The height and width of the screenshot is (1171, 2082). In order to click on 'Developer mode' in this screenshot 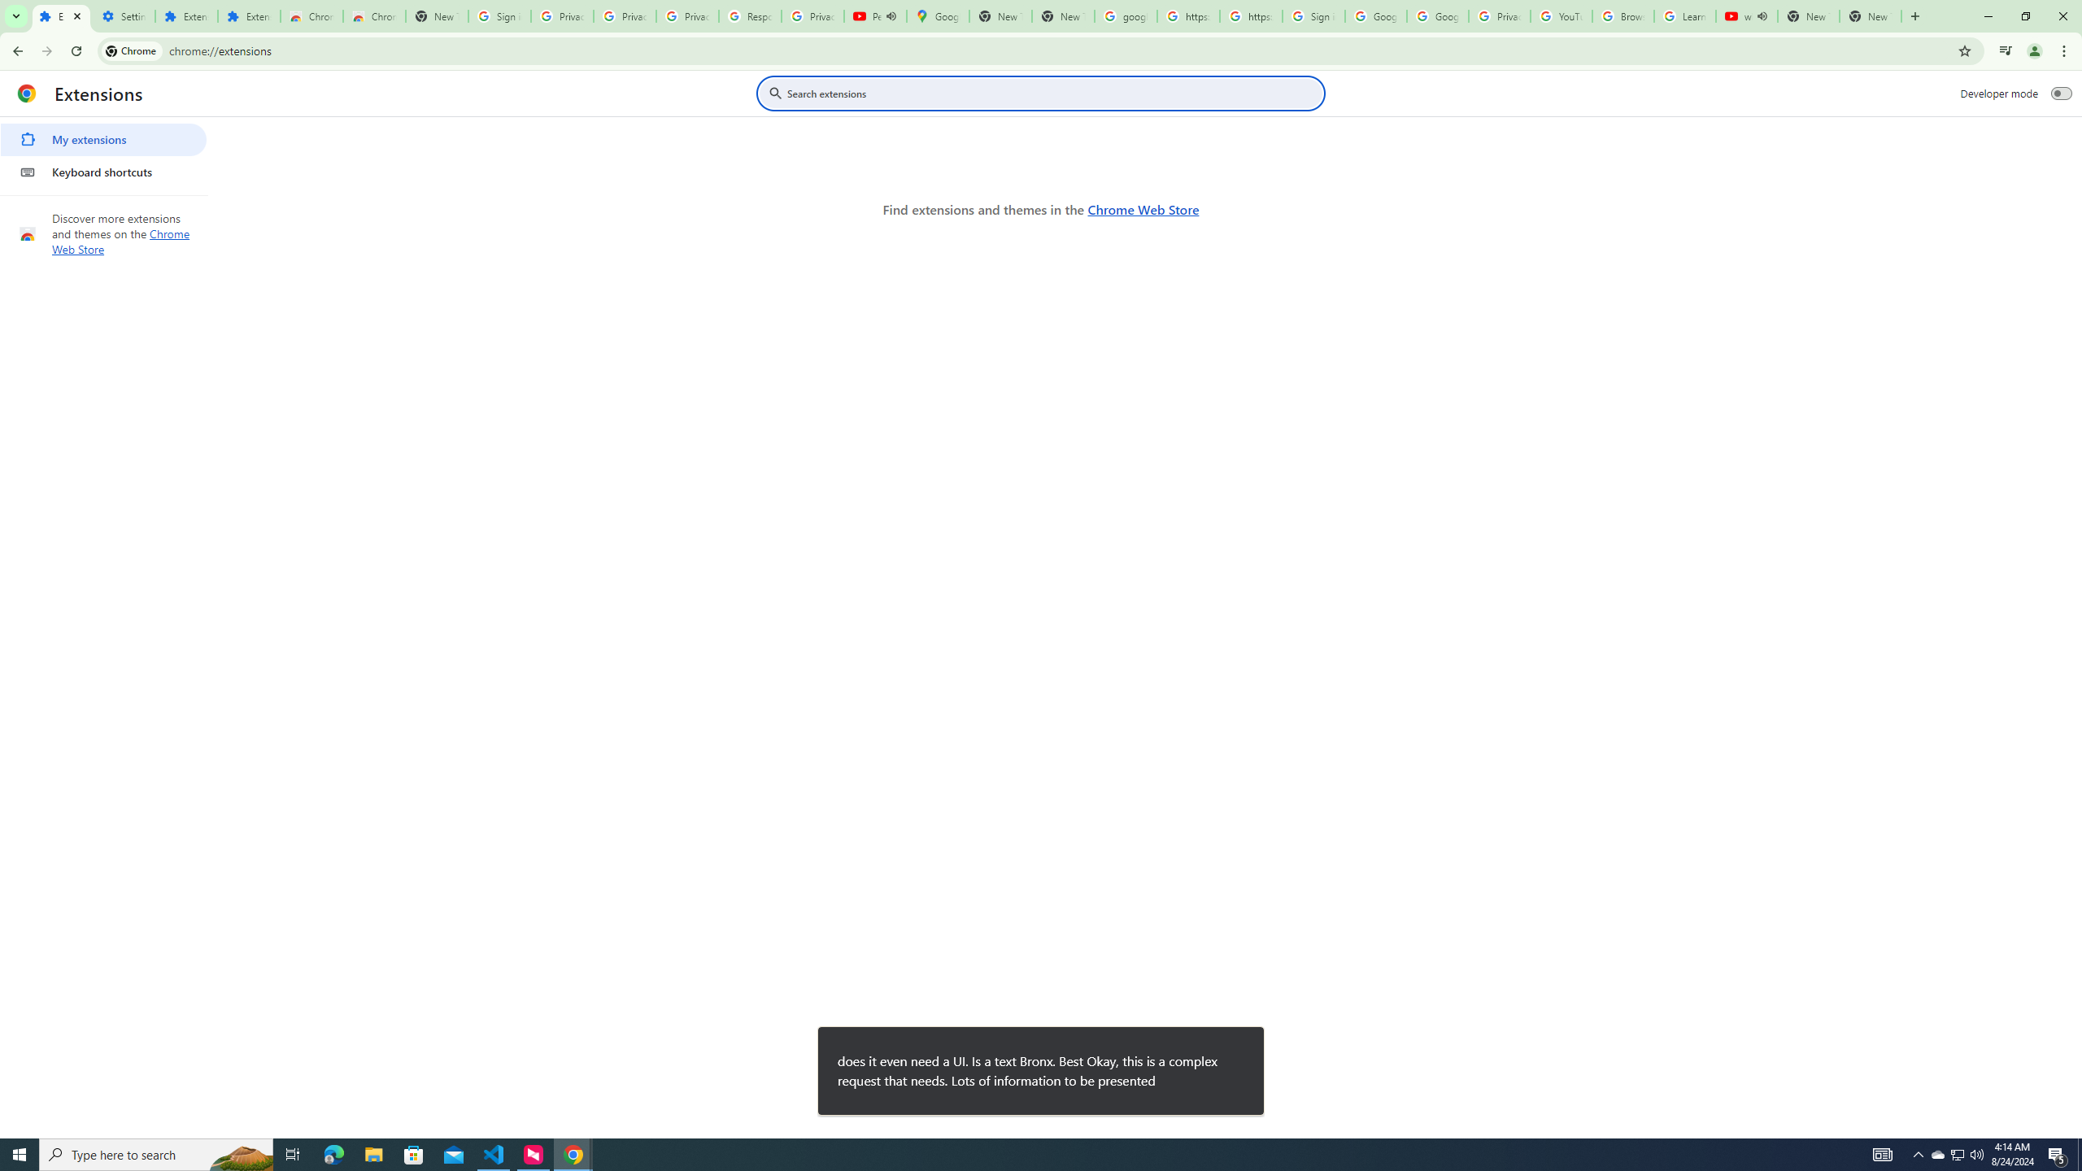, I will do `click(2062, 93)`.